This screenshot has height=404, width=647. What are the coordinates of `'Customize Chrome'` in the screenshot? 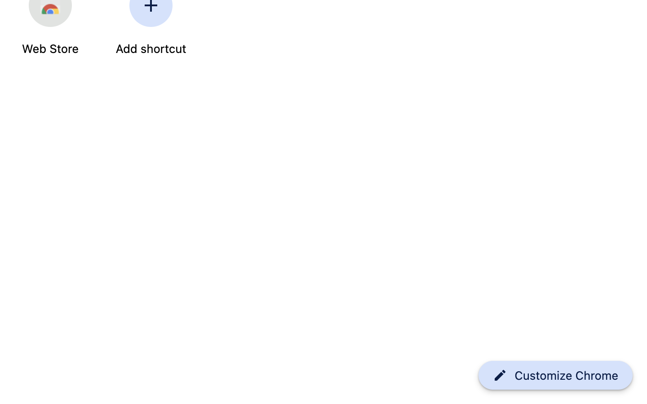 It's located at (567, 376).